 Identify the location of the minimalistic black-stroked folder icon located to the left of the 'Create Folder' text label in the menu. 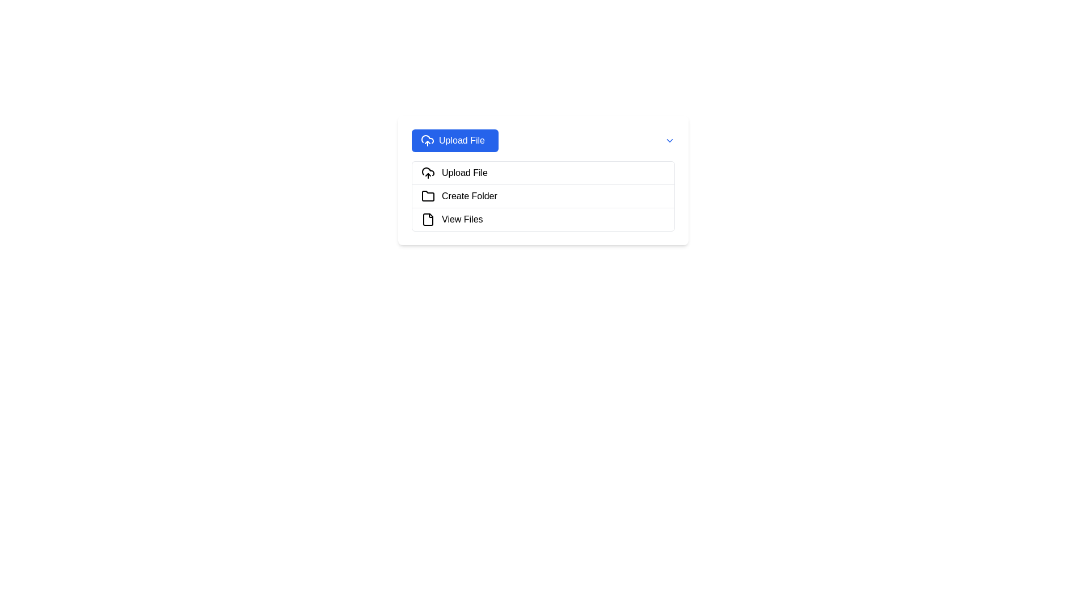
(427, 196).